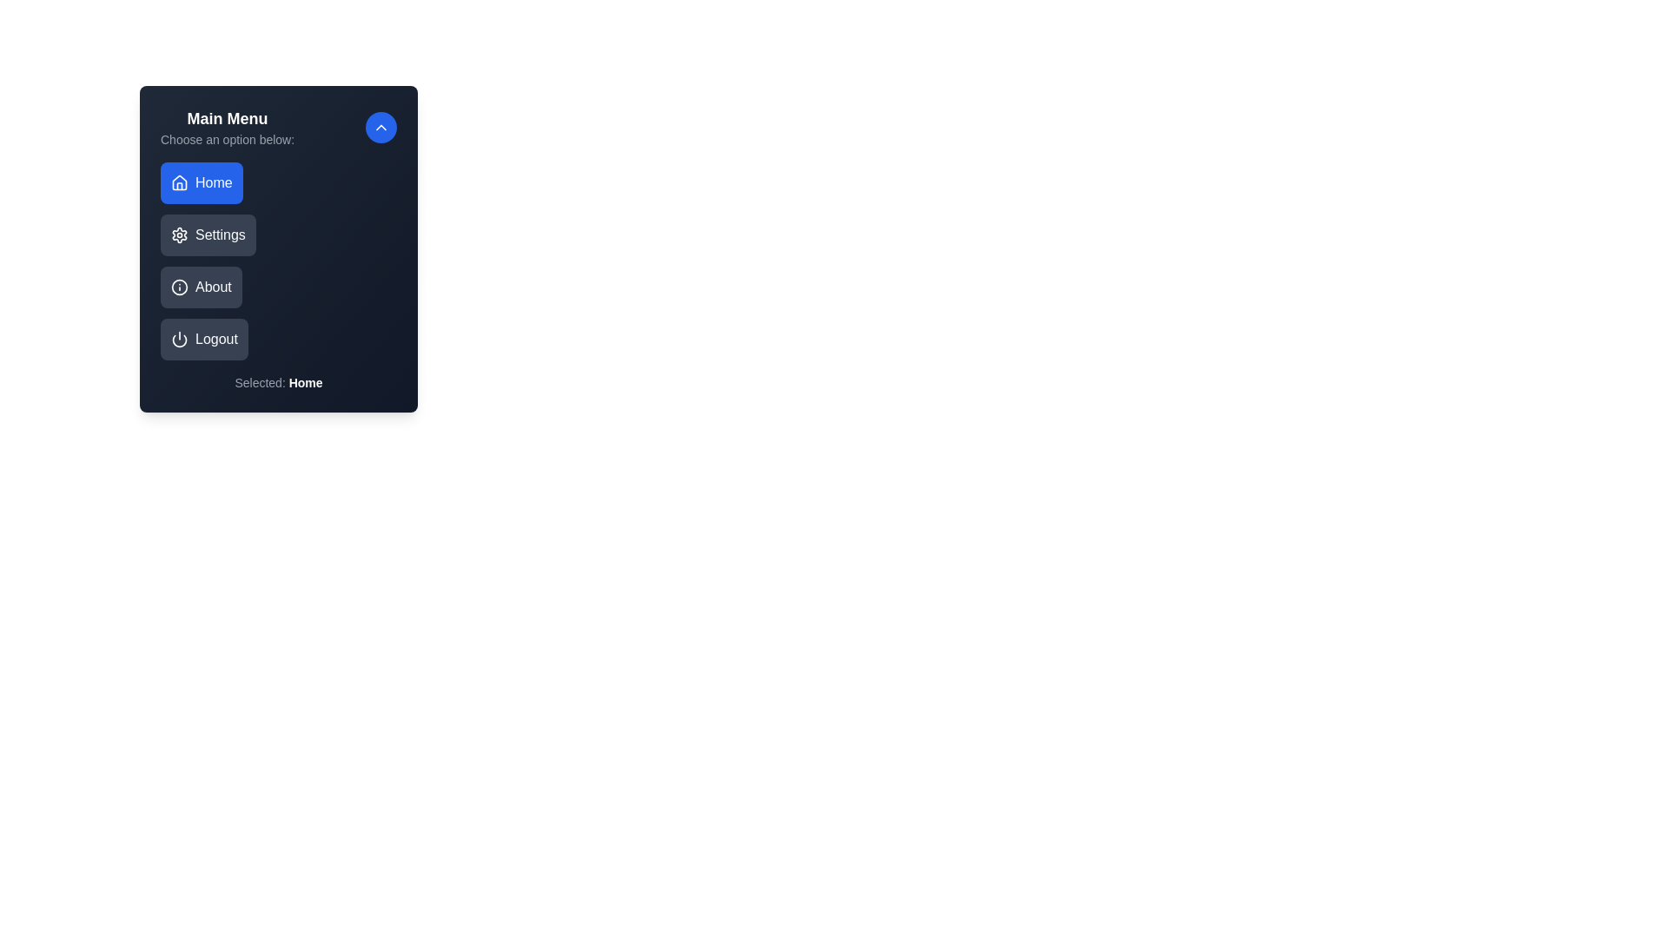 The width and height of the screenshot is (1668, 938). I want to click on the upward-pointing chevron arrow icon button located in the upper-right corner of the main menu card, so click(380, 126).